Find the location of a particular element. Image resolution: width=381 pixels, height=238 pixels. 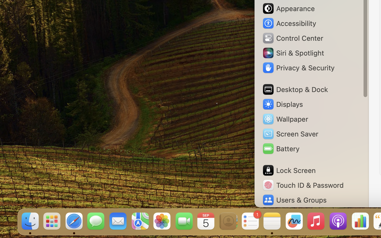

'Users & Groups' is located at coordinates (294, 200).